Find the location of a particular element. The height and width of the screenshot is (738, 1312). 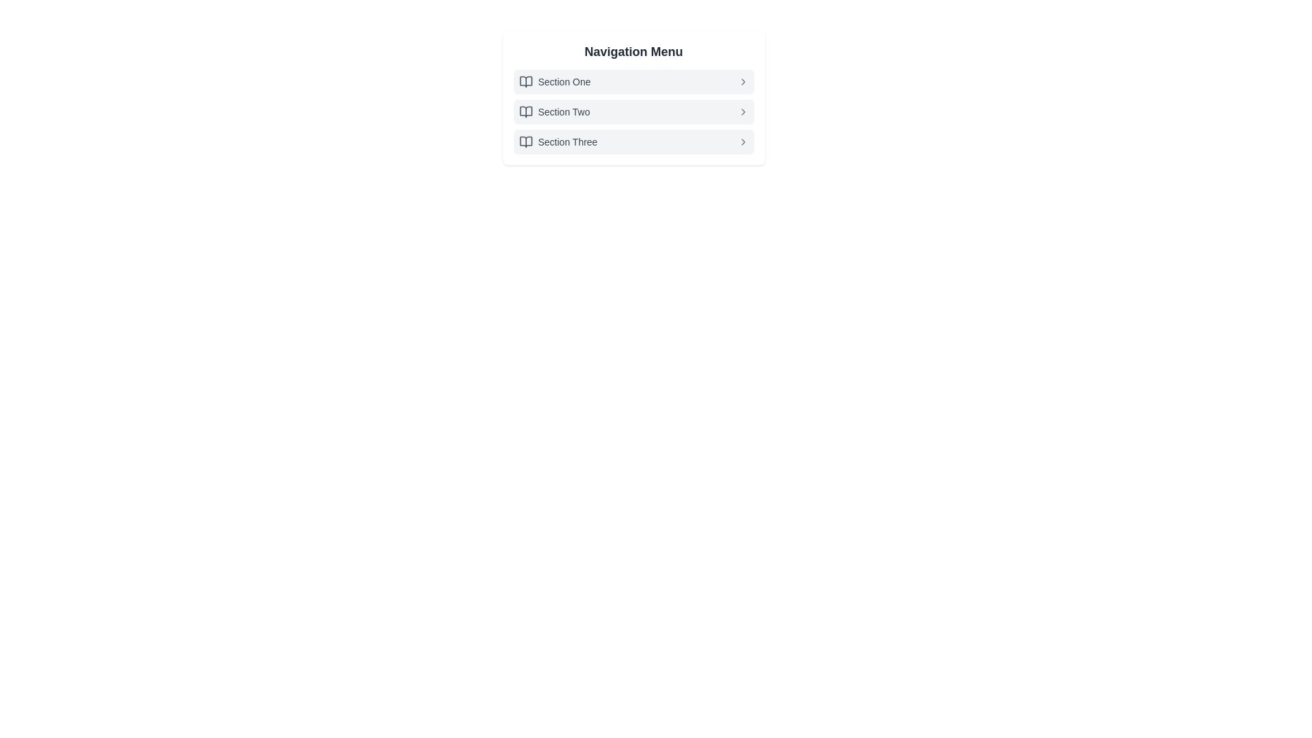

the 'Section Two' hyperlink in the navigation menu is located at coordinates (564, 111).